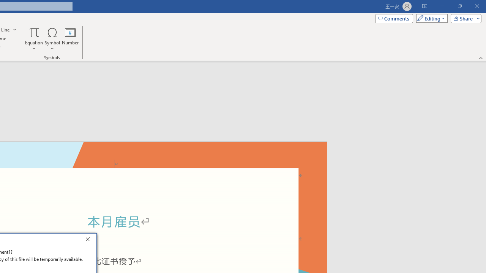 The width and height of the screenshot is (486, 273). I want to click on 'Ribbon Display Options', so click(424, 6).